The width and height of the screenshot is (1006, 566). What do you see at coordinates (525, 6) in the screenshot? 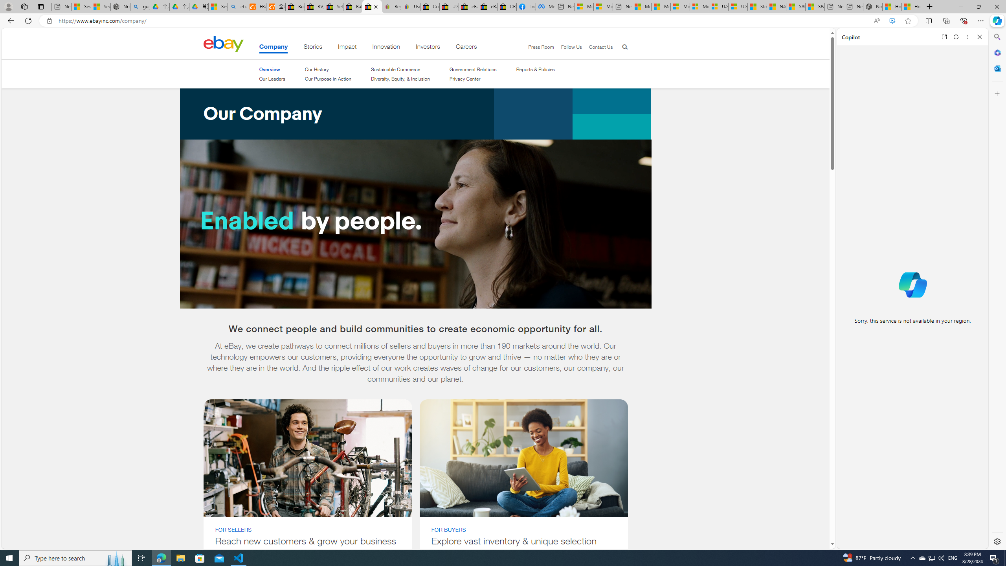
I see `'Log into Facebook'` at bounding box center [525, 6].